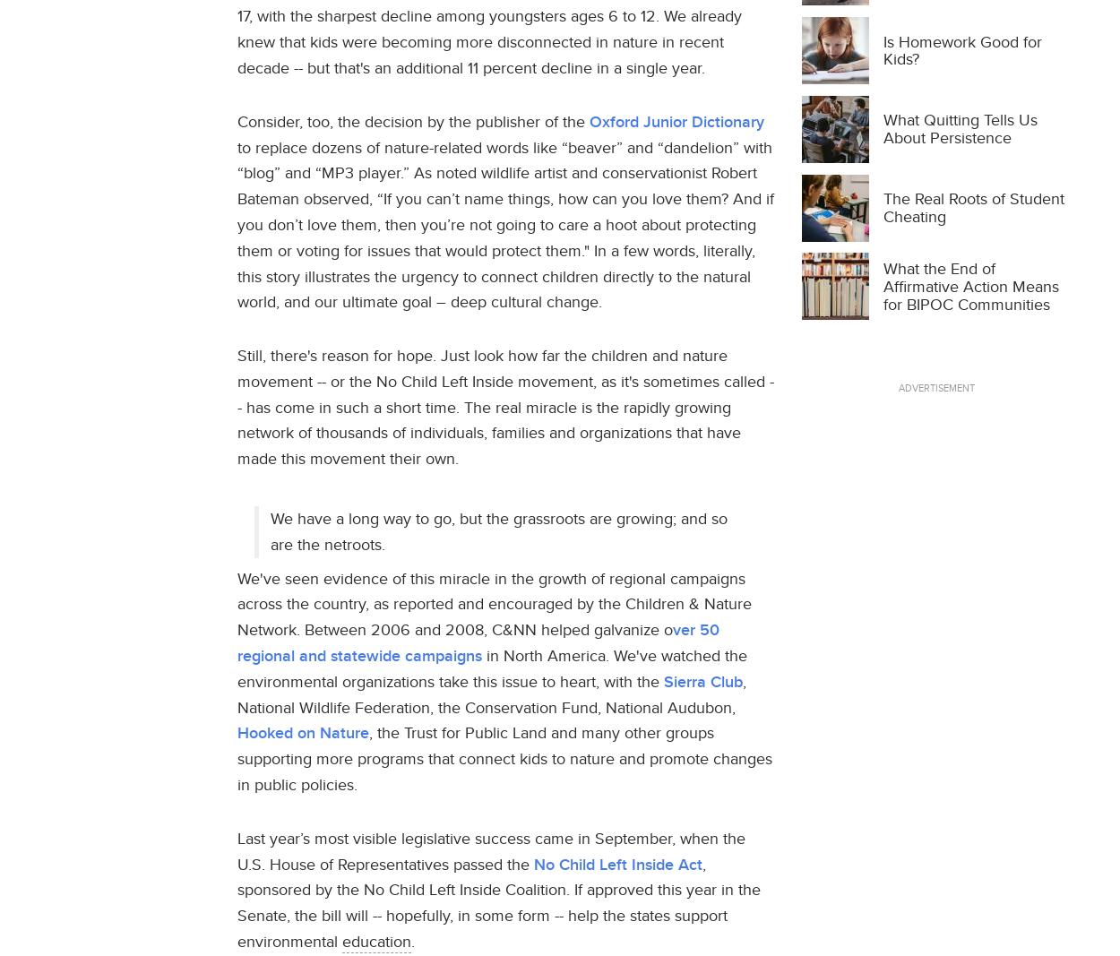 This screenshot has width=1120, height=956. I want to click on 'What the End of Affirmative Action Means for BIPOC Communities', so click(882, 286).